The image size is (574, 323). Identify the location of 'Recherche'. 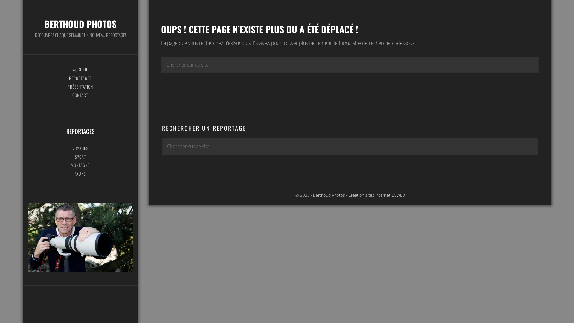
(539, 55).